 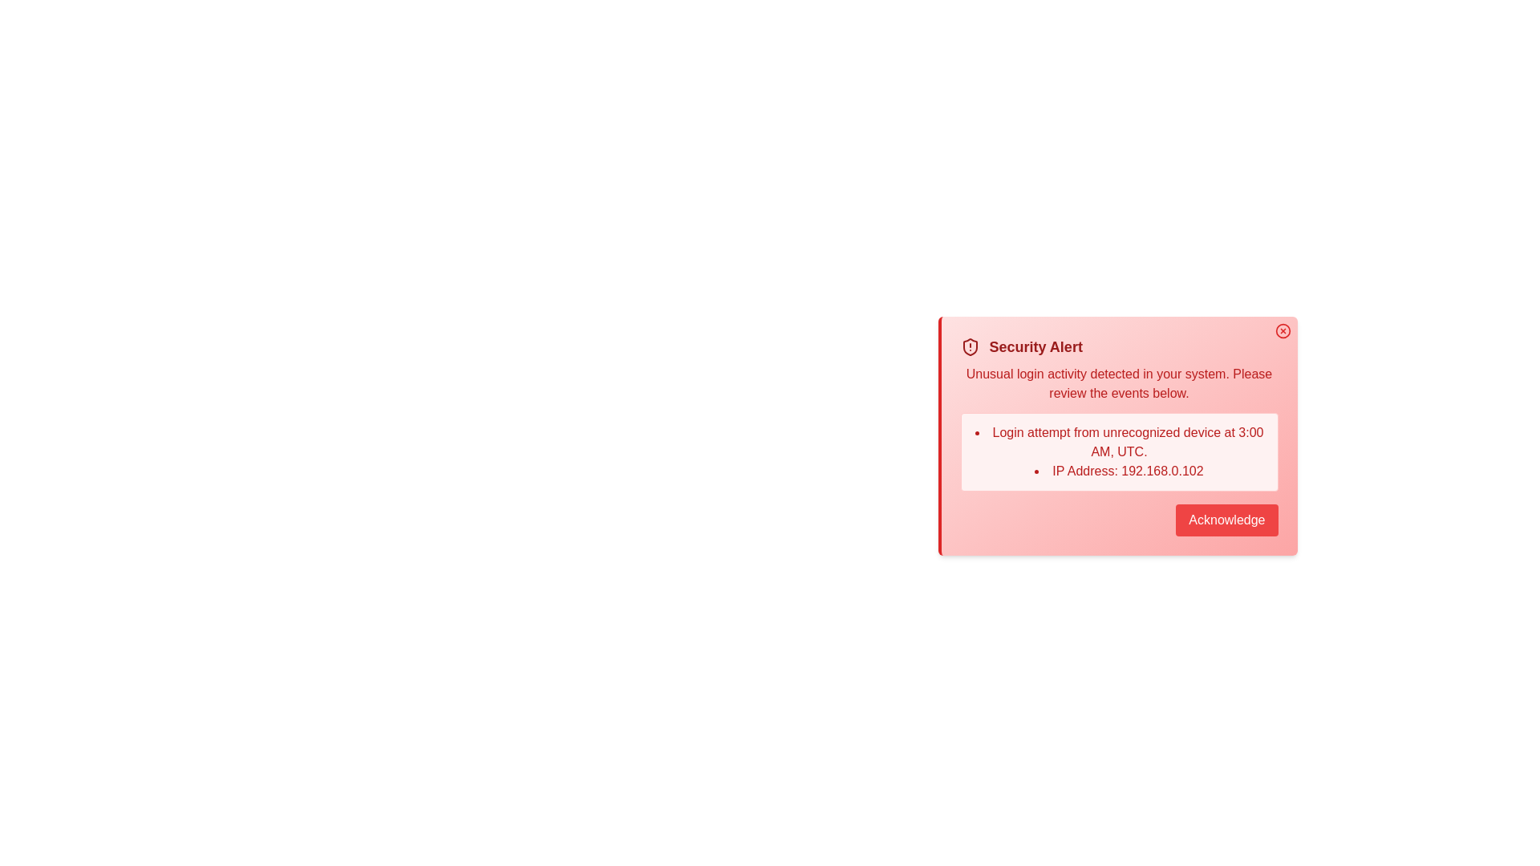 What do you see at coordinates (1226, 520) in the screenshot?
I see `'Acknowledge' button to acknowledge the alert` at bounding box center [1226, 520].